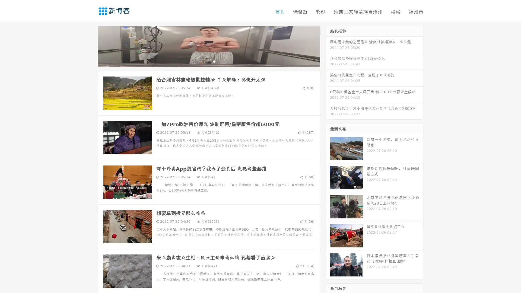 Image resolution: width=521 pixels, height=293 pixels. Describe the element at coordinates (208, 61) in the screenshot. I see `Go to slide 2` at that location.